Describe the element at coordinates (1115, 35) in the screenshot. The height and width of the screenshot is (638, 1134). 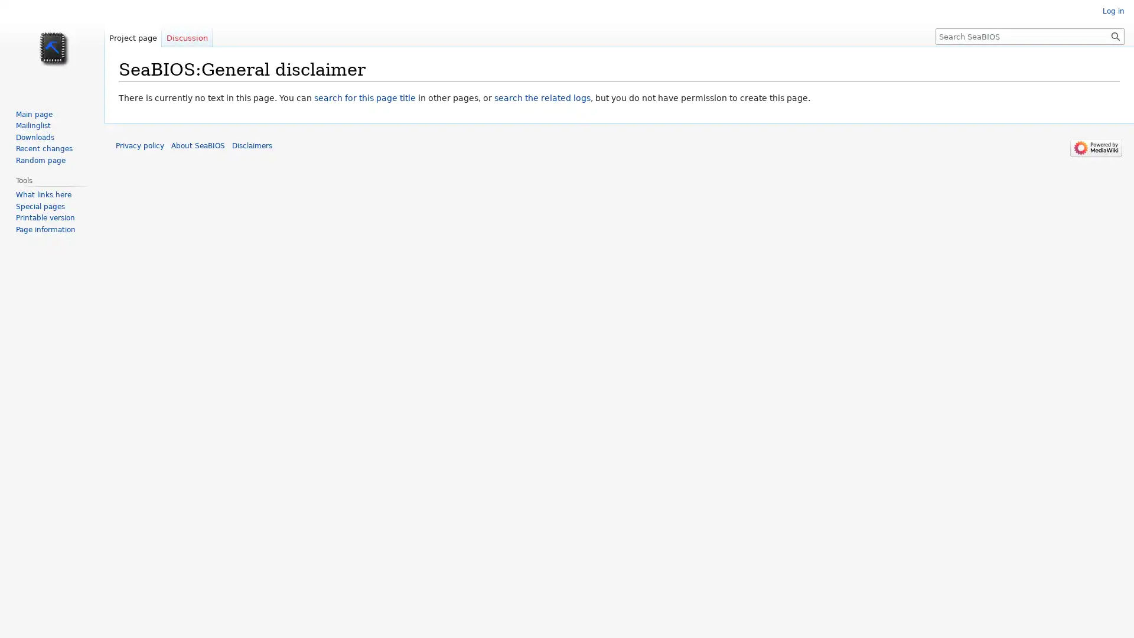
I see `Search` at that location.